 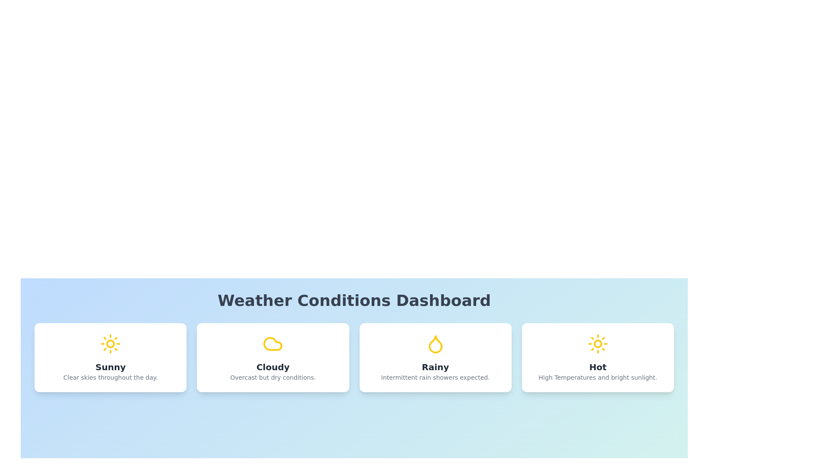 What do you see at coordinates (272, 377) in the screenshot?
I see `the second static text element that provides a supplementary description for the 'Cloudy' weather condition, located at the bottom center of the card` at bounding box center [272, 377].